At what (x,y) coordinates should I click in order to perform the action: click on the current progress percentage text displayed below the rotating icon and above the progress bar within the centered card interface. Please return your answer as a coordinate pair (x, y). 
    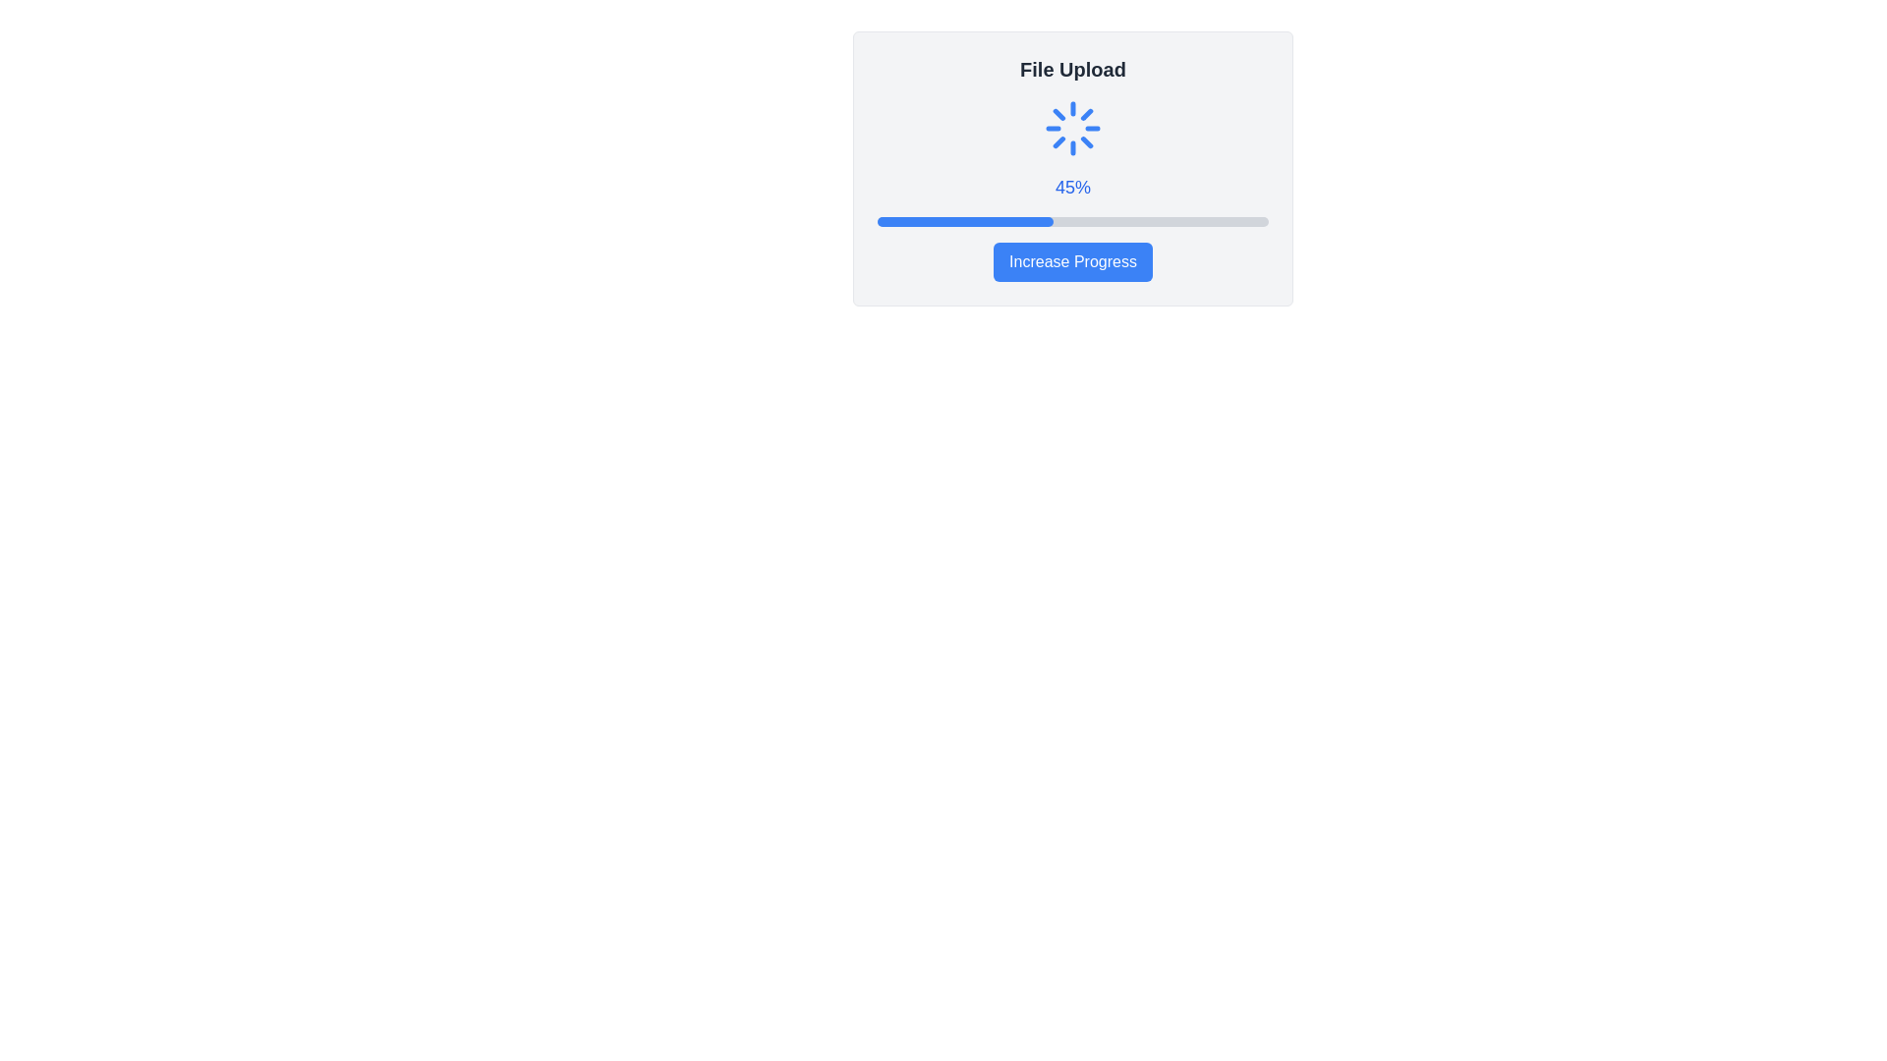
    Looking at the image, I should click on (1071, 188).